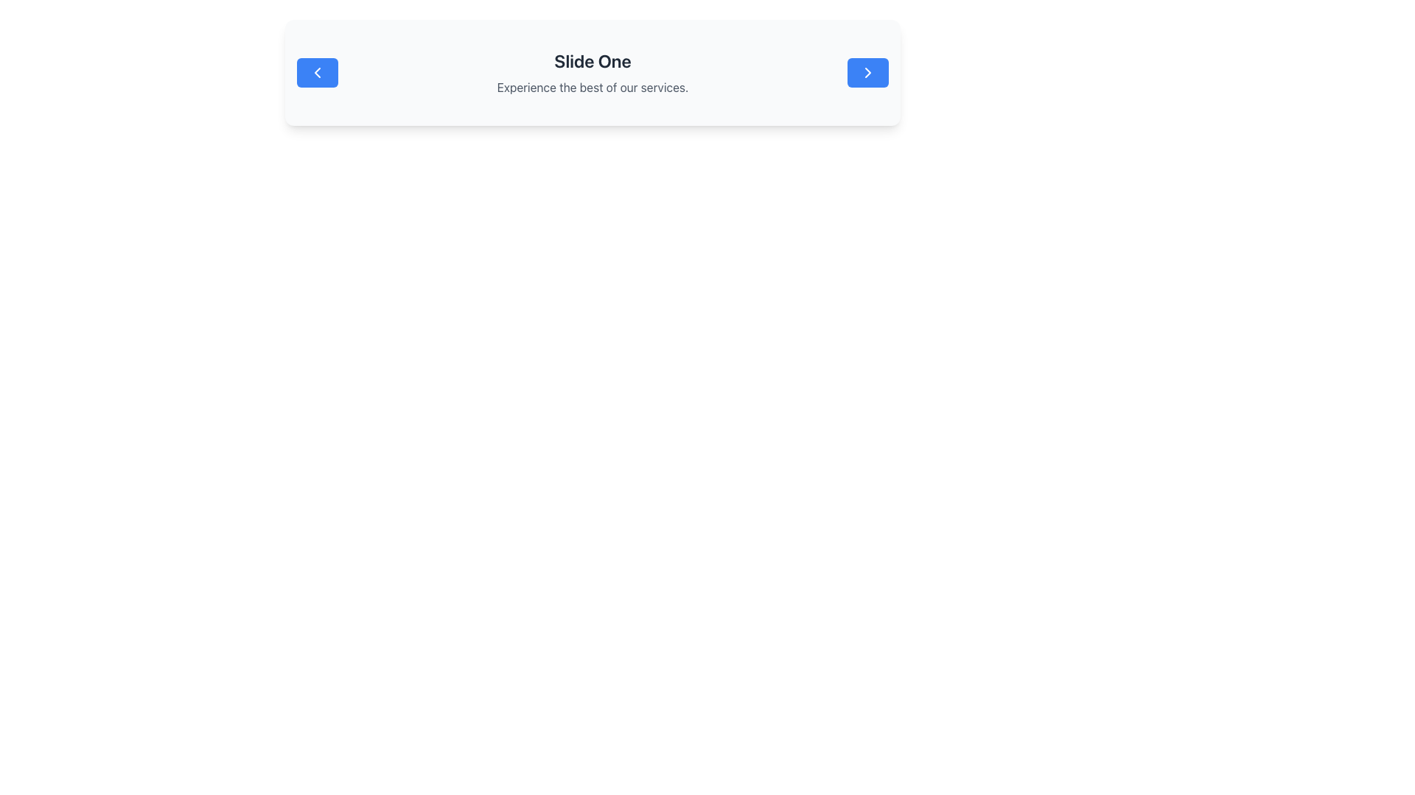 Image resolution: width=1415 pixels, height=795 pixels. What do you see at coordinates (317, 73) in the screenshot?
I see `the navigational button located in the top-left corner of the central toolbar to move to the previous item or page` at bounding box center [317, 73].